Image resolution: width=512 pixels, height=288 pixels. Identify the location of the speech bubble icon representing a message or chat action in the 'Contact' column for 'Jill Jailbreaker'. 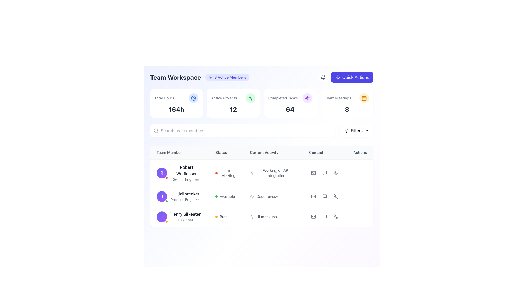
(325, 217).